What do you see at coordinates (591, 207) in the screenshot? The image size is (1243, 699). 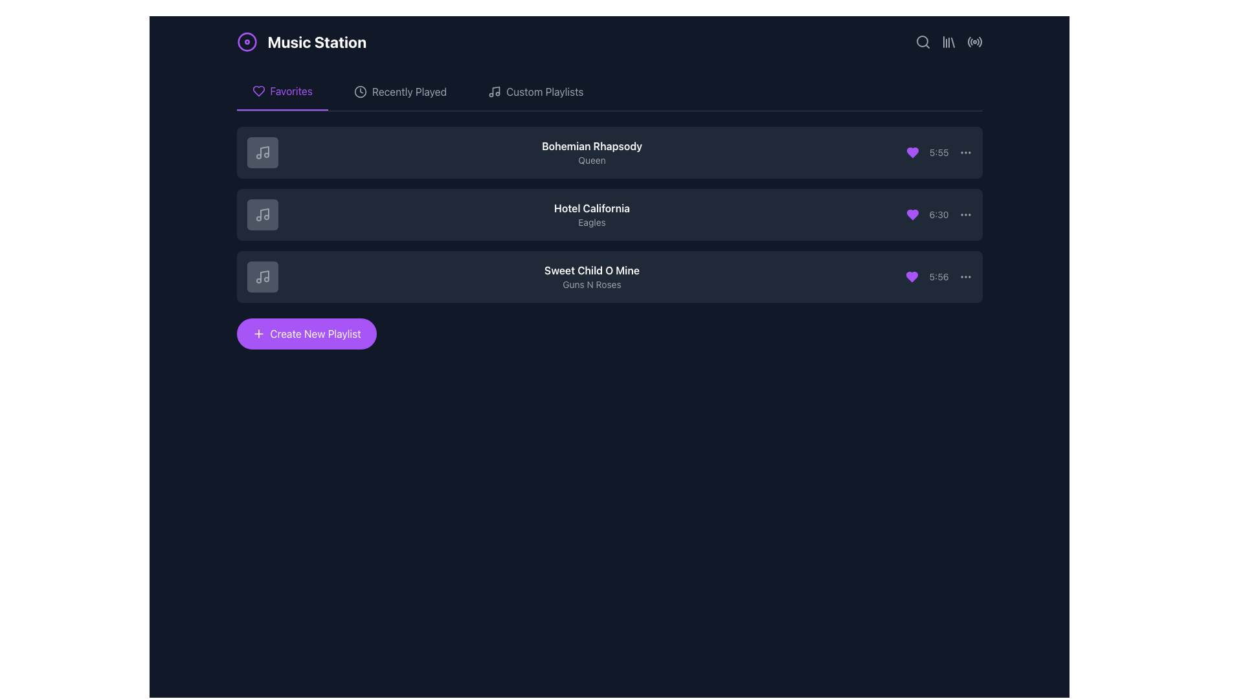 I see `the text label displaying the title of the song 'Hotel California' which is located in the 'Favorites' tab, second row of the music list, above the artist's name 'Eagles'` at bounding box center [591, 207].